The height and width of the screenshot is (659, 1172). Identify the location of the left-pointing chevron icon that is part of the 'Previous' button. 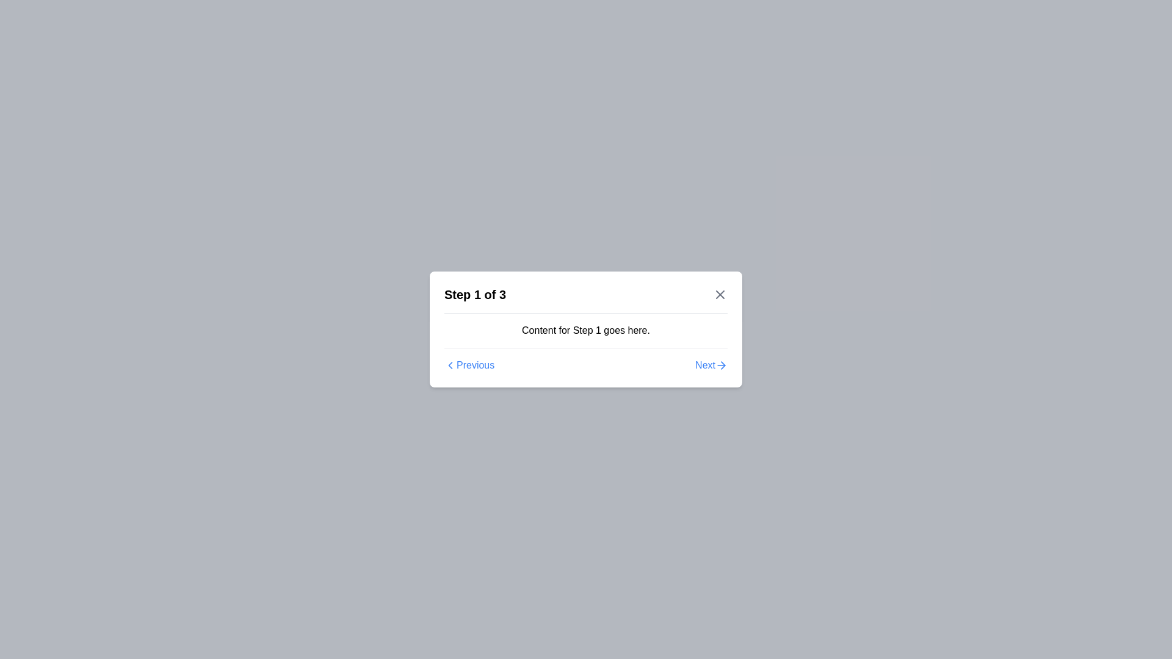
(450, 364).